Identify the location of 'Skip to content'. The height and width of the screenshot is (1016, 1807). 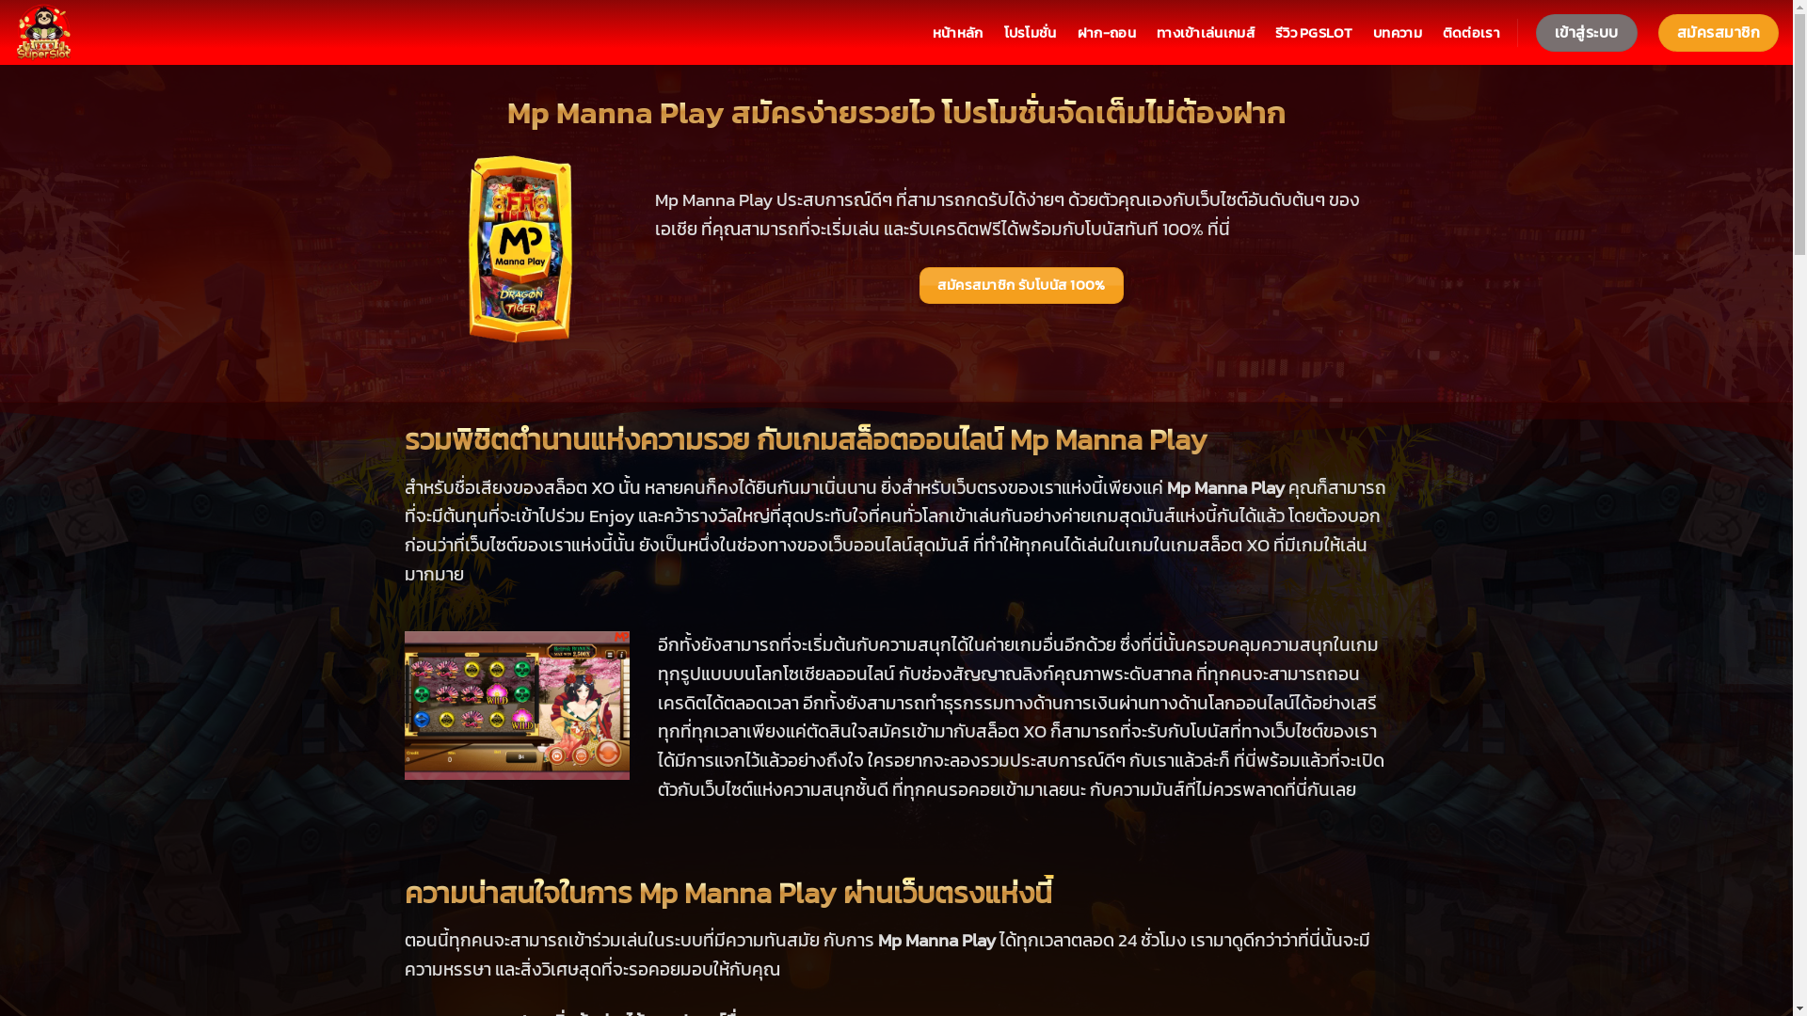
(0, 0).